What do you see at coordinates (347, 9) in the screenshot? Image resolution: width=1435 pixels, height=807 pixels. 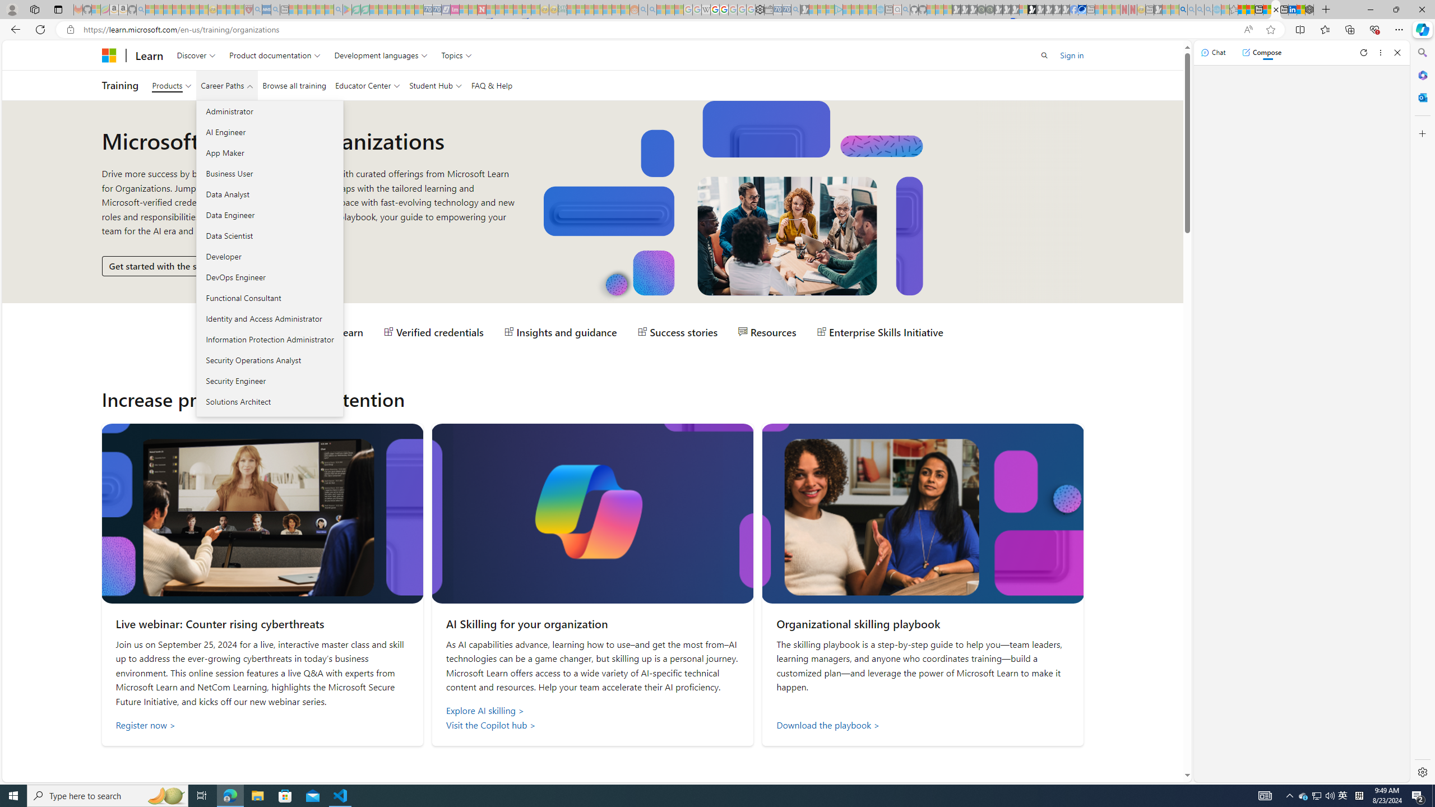 I see `'Bluey: Let'` at bounding box center [347, 9].